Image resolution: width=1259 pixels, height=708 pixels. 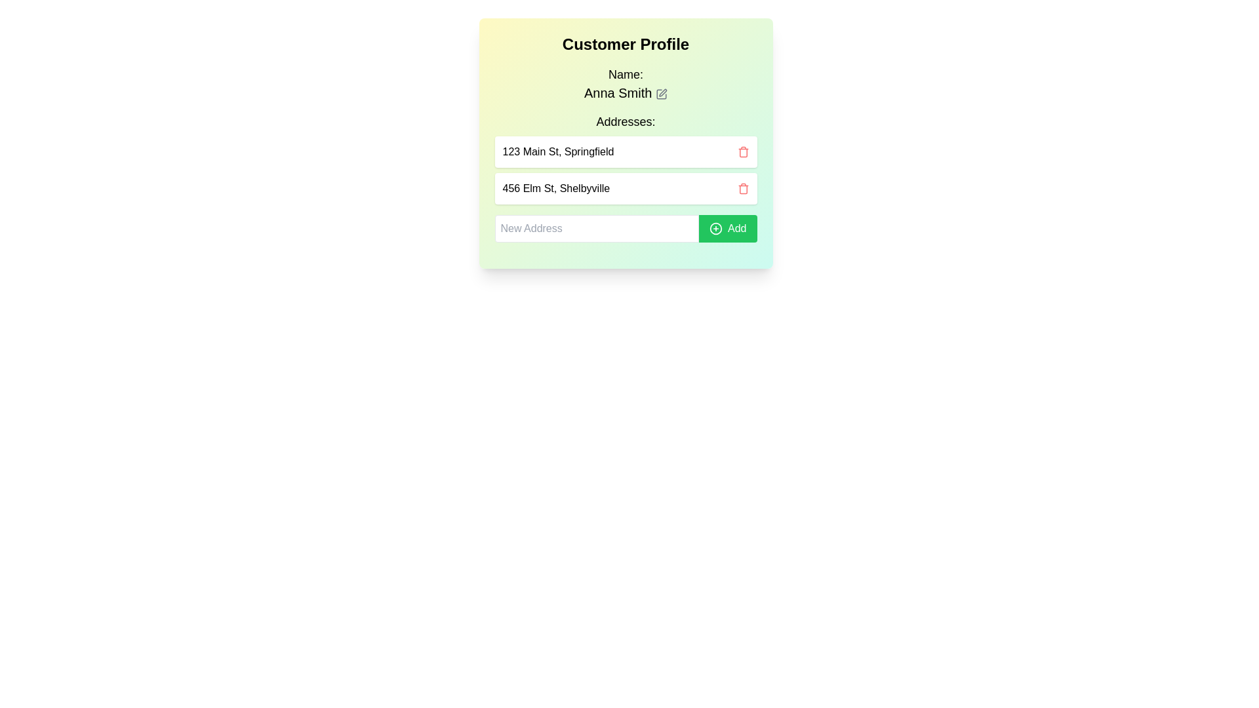 I want to click on the text display element showing the customer's name 'Anna Smith' located in the 'Customer Profile' section for information retrieval, so click(x=625, y=83).